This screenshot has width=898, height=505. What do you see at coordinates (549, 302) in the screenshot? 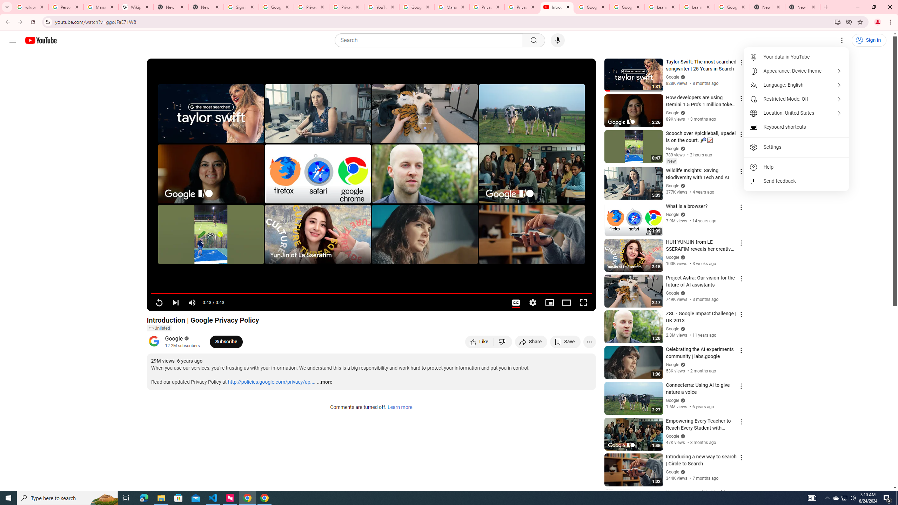
I see `'Miniplayer (i)'` at bounding box center [549, 302].